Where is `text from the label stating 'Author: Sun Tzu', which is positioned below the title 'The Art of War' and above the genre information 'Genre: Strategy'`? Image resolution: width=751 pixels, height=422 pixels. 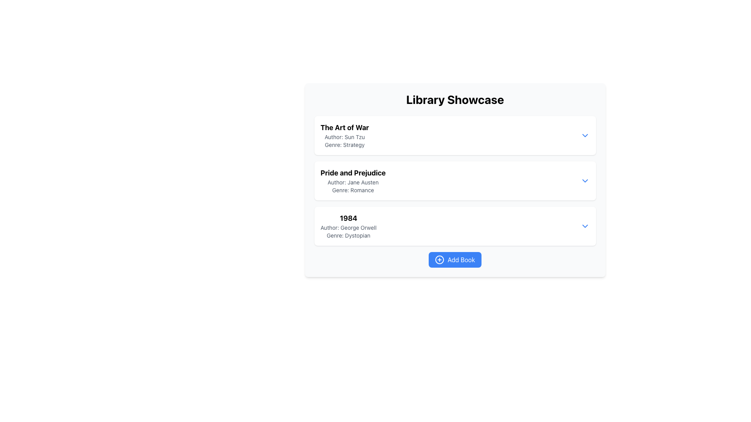
text from the label stating 'Author: Sun Tzu', which is positioned below the title 'The Art of War' and above the genre information 'Genre: Strategy' is located at coordinates (344, 137).